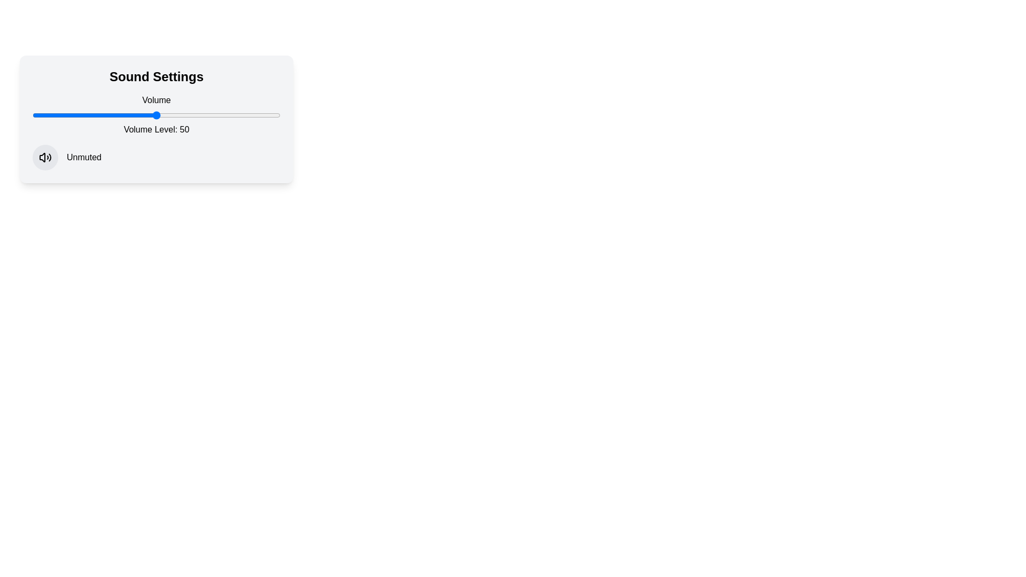 The width and height of the screenshot is (1026, 577). I want to click on the sound volume icon, so click(45, 157).